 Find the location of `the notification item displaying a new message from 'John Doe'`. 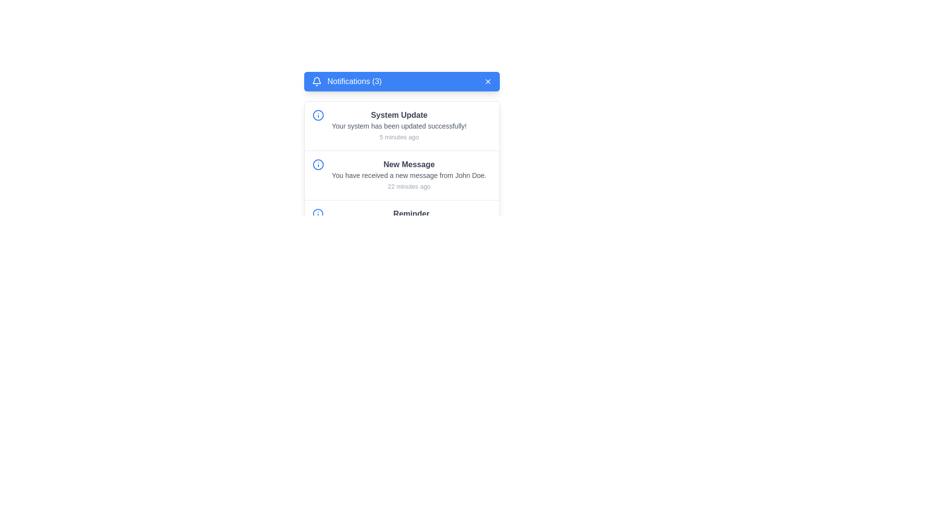

the notification item displaying a new message from 'John Doe' is located at coordinates (409, 175).